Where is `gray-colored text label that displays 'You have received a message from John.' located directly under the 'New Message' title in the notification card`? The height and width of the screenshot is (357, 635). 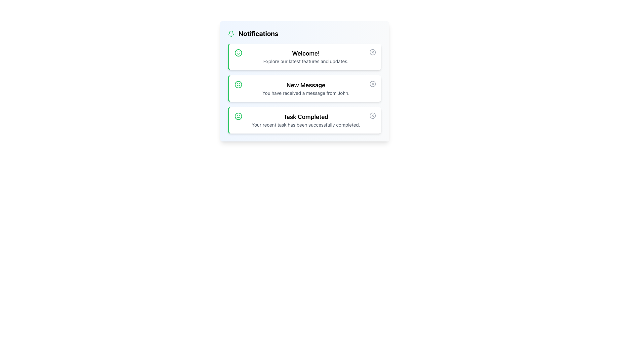
gray-colored text label that displays 'You have received a message from John.' located directly under the 'New Message' title in the notification card is located at coordinates (306, 93).